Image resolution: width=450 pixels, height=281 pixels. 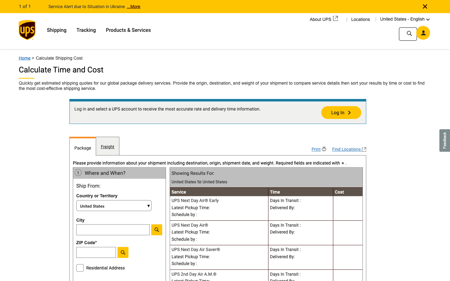 What do you see at coordinates (112, 254) in the screenshot?
I see `Look up the package associated with the Postal Code "10243"` at bounding box center [112, 254].